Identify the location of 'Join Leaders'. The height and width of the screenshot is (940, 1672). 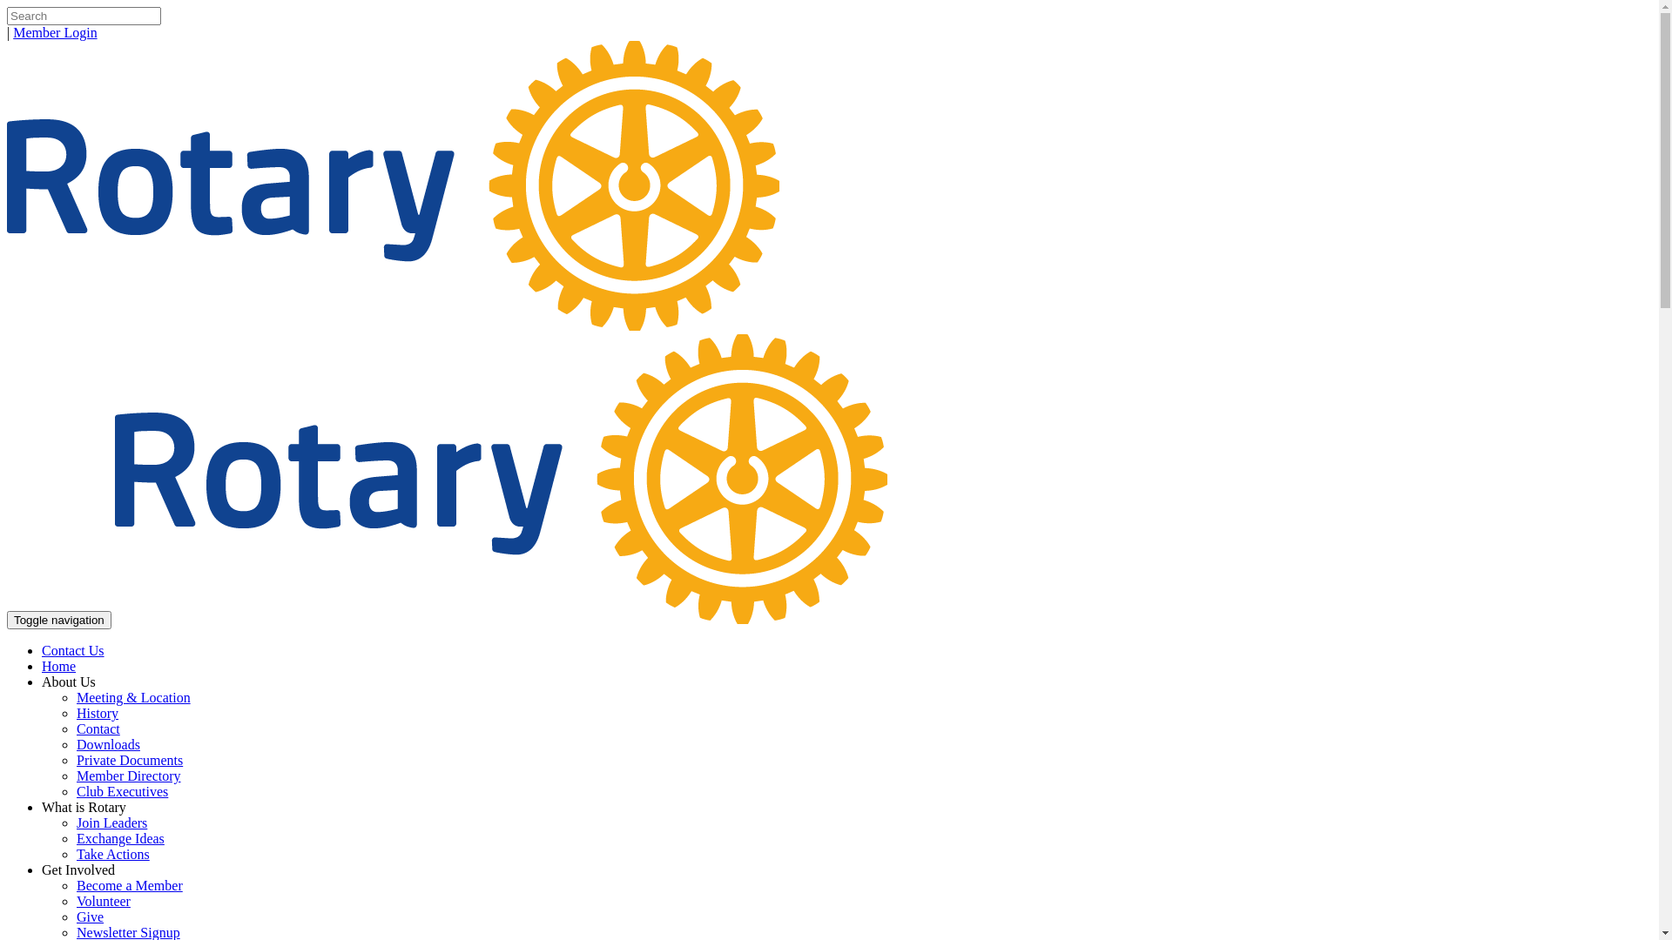
(111, 822).